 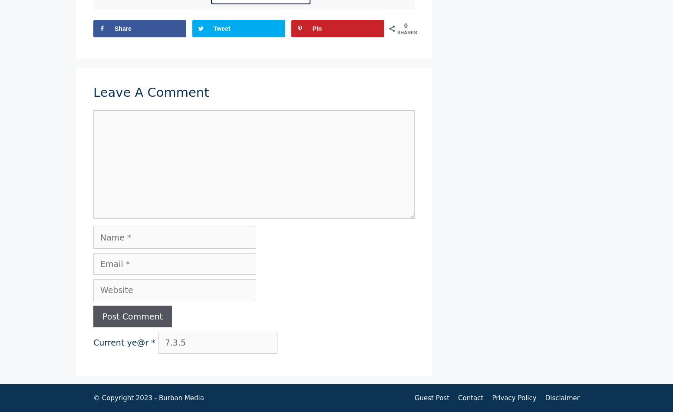 I want to click on '*', so click(x=152, y=342).